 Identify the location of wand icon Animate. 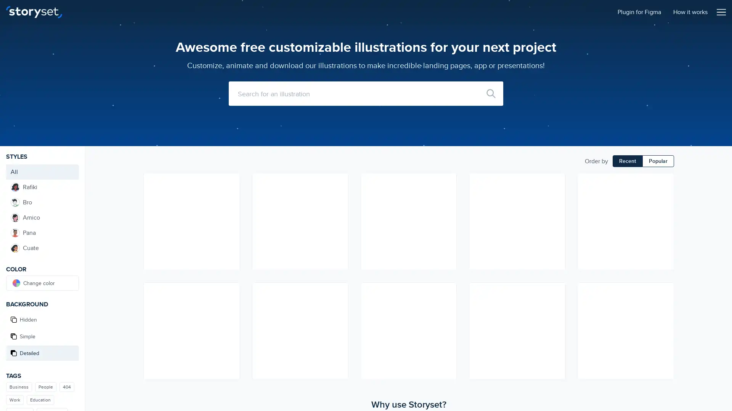
(447, 291).